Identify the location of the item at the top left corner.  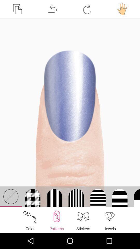
(17, 9).